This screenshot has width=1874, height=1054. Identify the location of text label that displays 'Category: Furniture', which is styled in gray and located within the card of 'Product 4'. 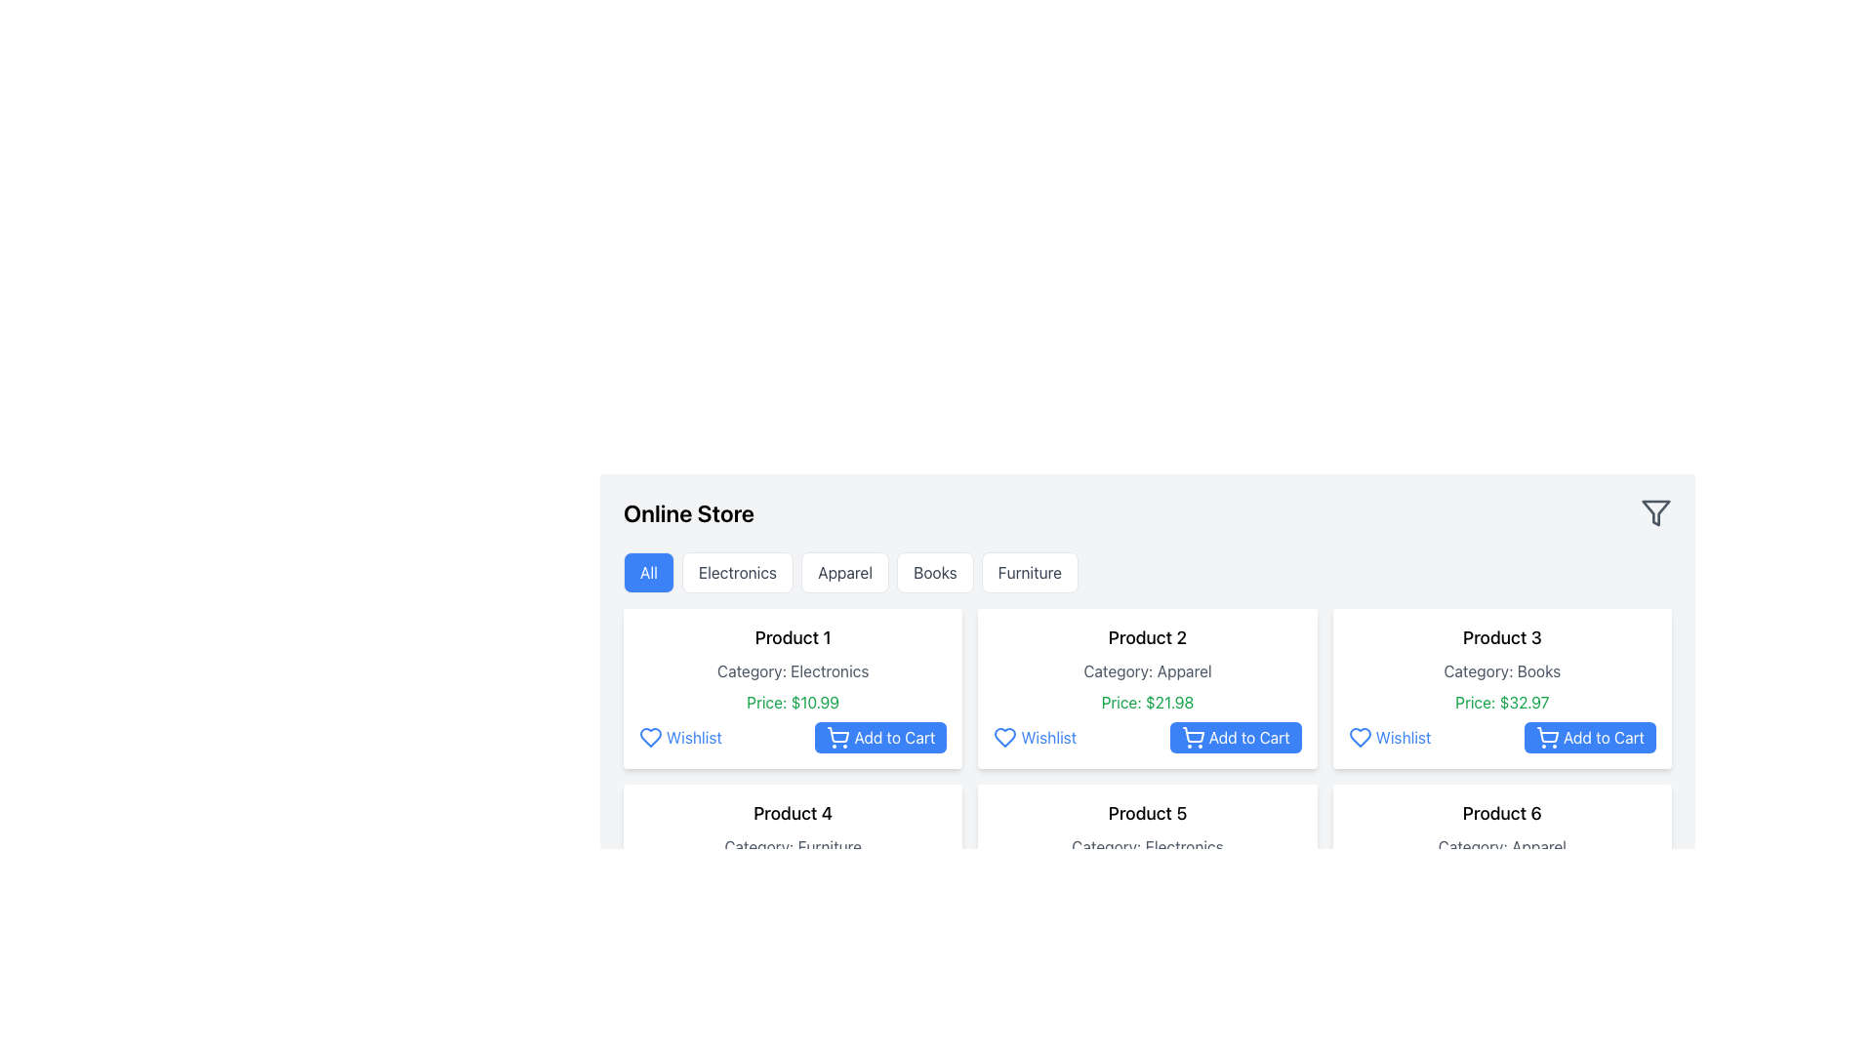
(793, 845).